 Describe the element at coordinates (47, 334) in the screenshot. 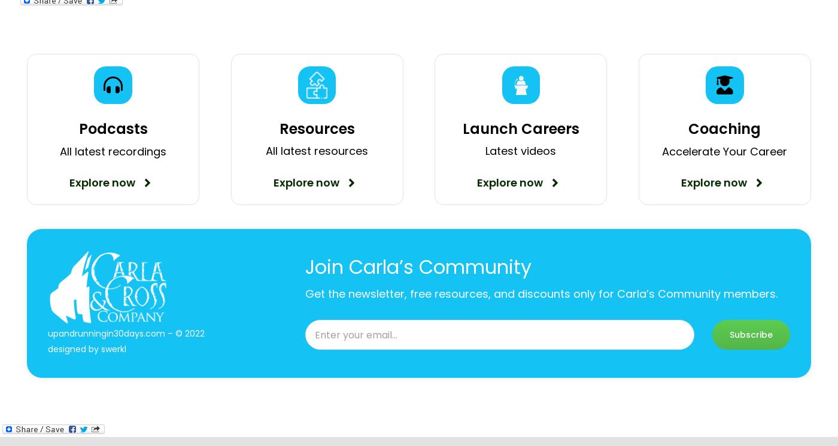

I see `'upandrunningin30days.com – © 2022'` at that location.